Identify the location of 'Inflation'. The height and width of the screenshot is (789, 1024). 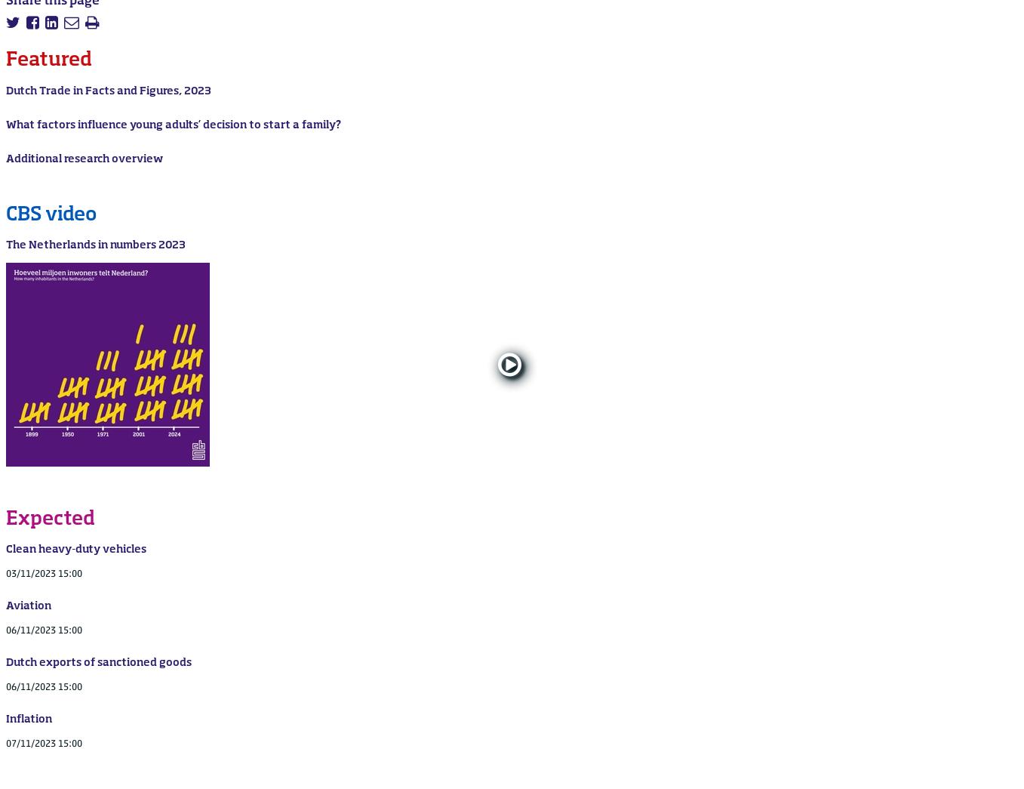
(5, 719).